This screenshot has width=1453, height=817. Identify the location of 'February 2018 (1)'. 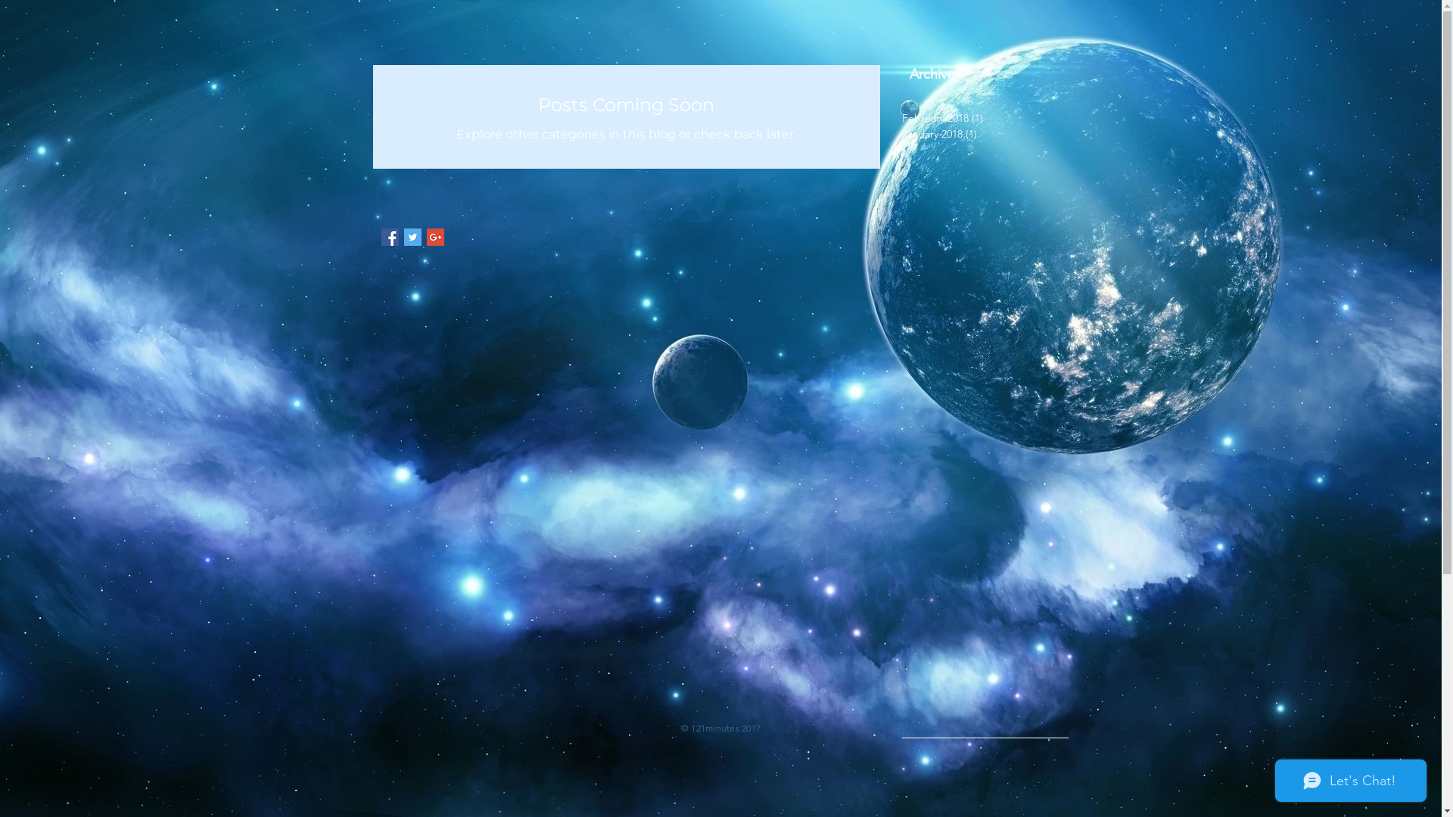
(981, 117).